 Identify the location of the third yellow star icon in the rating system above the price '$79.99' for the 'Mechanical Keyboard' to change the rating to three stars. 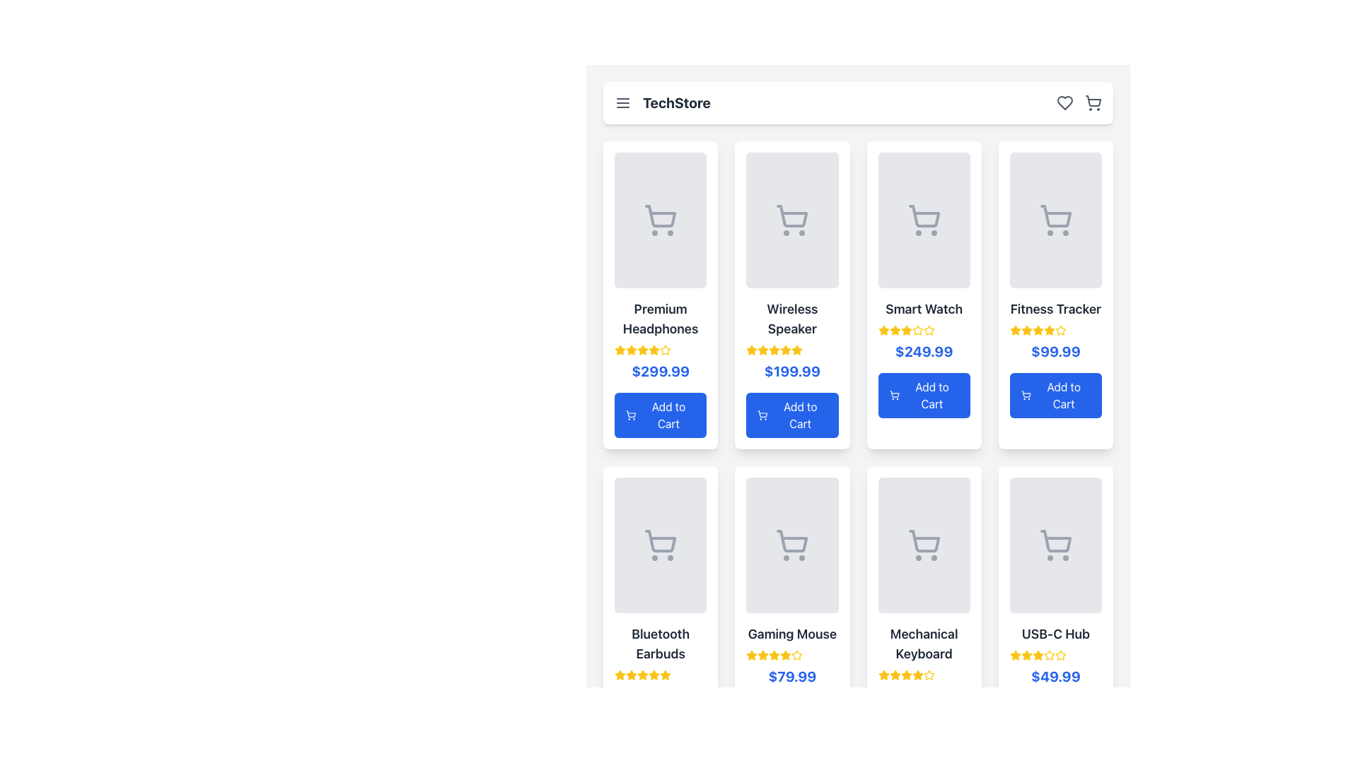
(894, 674).